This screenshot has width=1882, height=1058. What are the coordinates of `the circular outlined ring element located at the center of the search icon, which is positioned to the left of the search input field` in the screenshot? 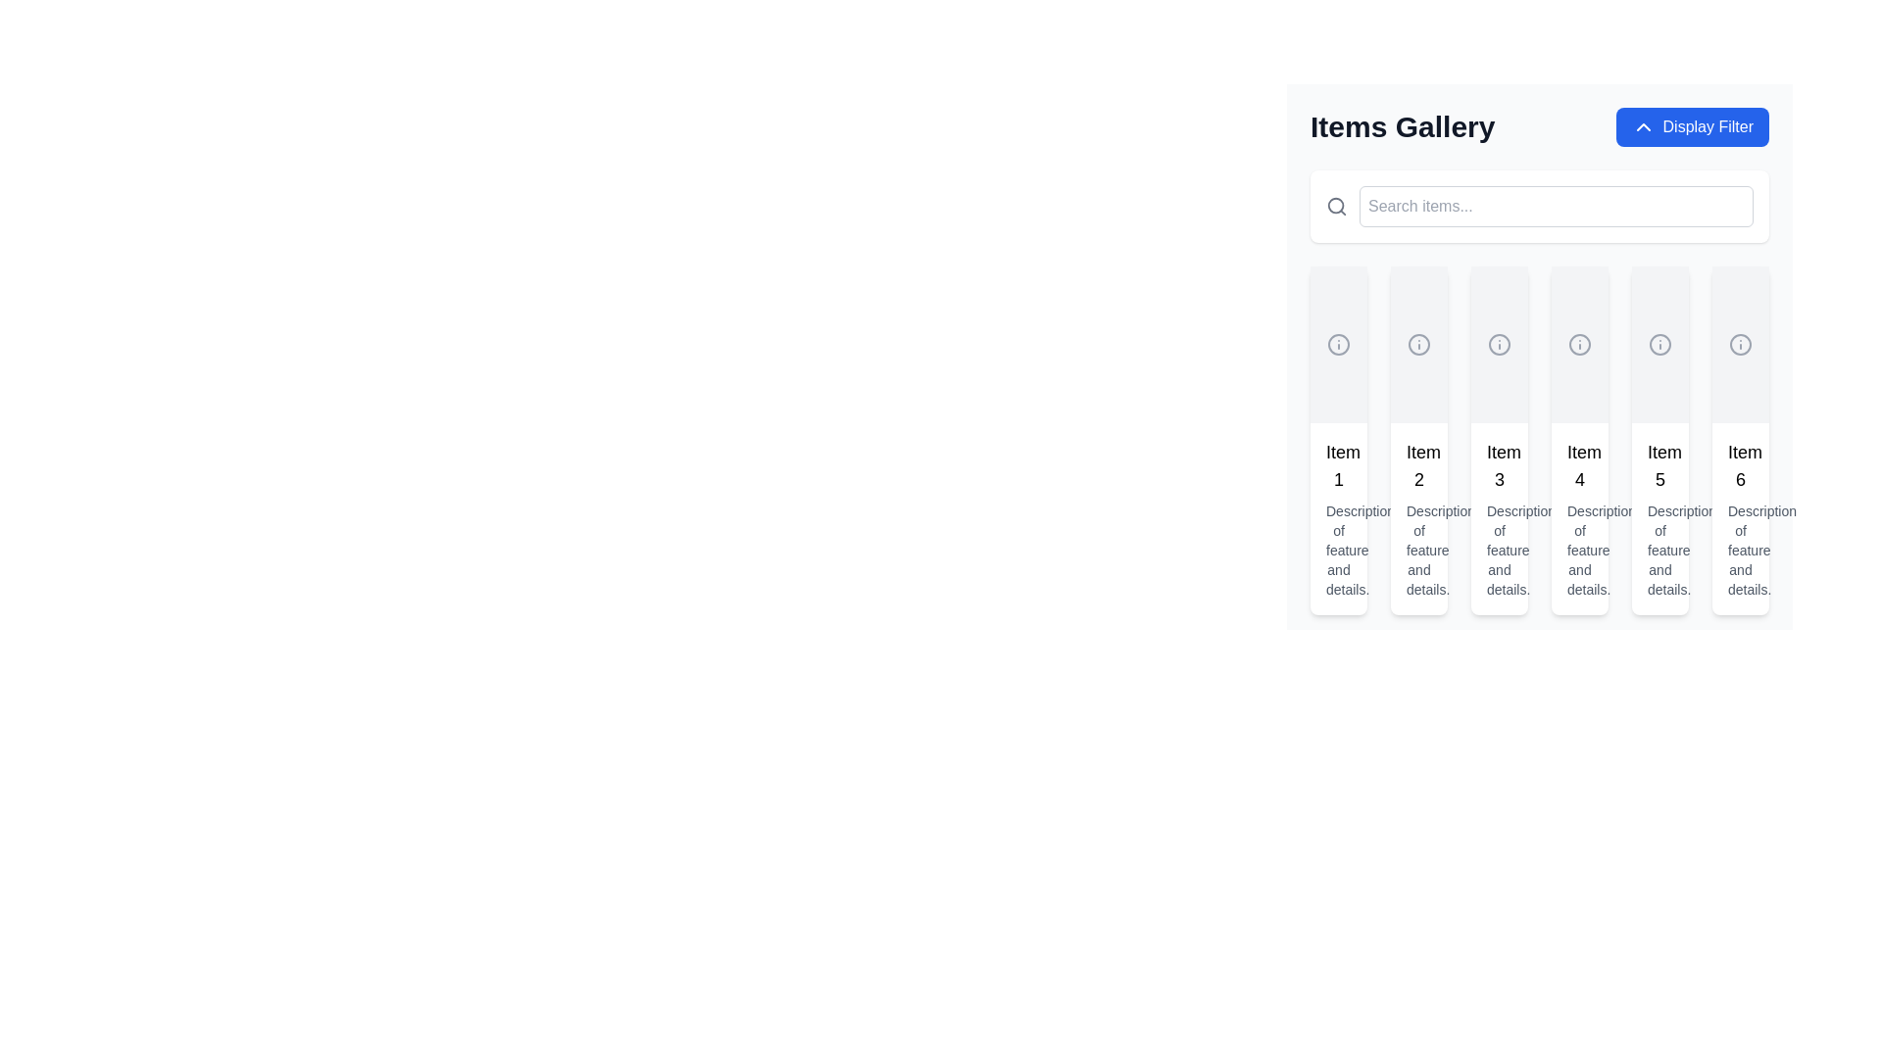 It's located at (1335, 206).